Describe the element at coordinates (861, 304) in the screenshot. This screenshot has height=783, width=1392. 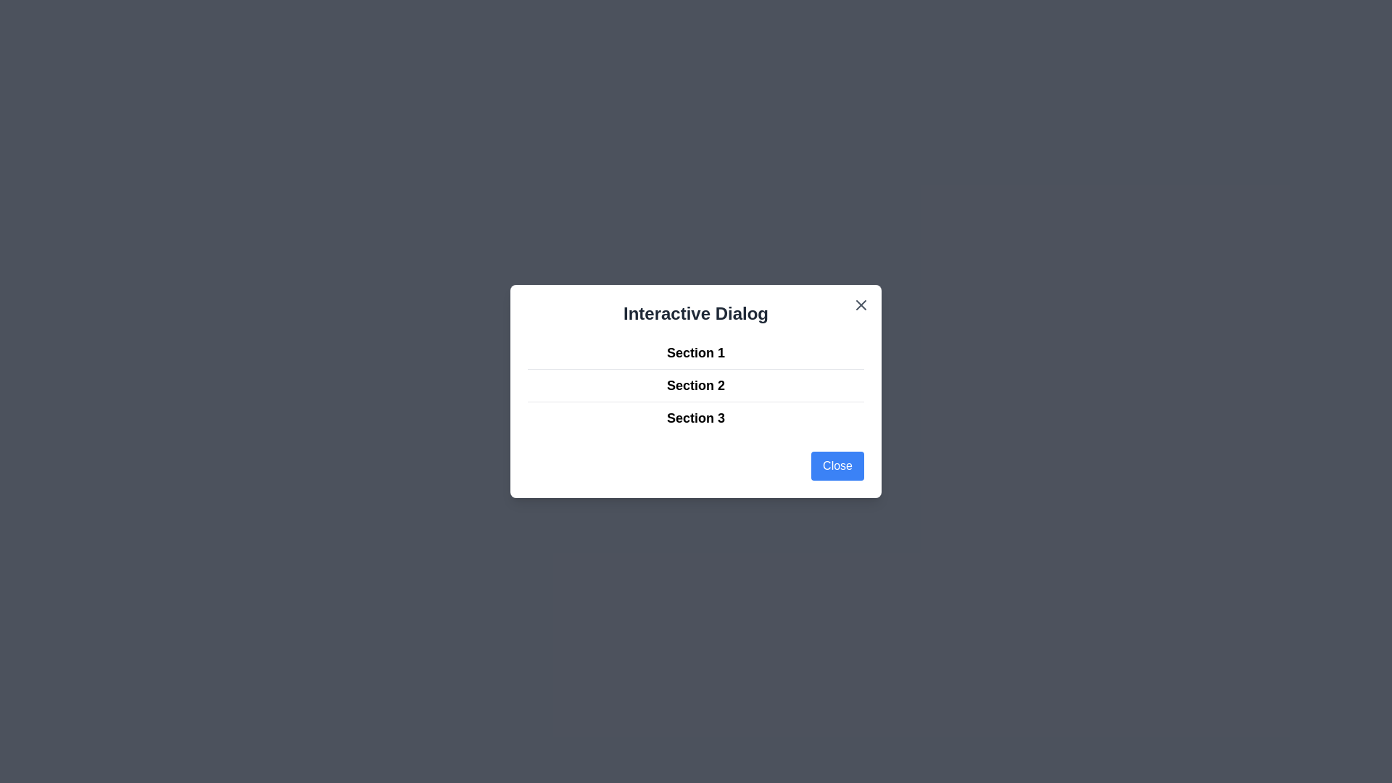
I see `close icon in the top-right corner of the dialog` at that location.